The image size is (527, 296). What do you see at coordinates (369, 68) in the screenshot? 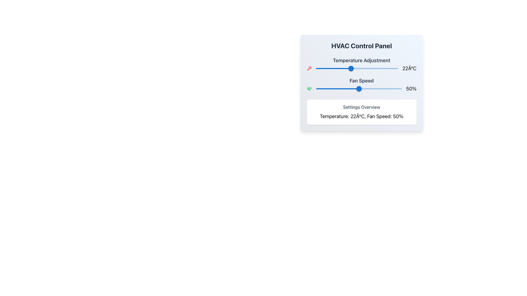
I see `the temperature` at bounding box center [369, 68].